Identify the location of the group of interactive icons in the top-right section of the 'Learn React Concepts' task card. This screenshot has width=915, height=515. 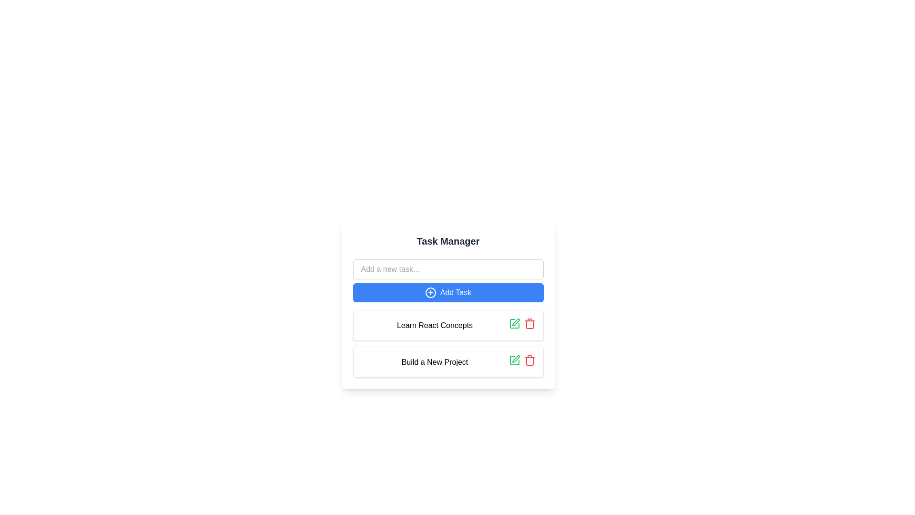
(521, 325).